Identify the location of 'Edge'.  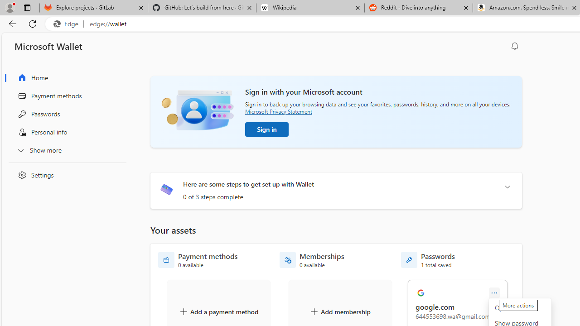
(68, 24).